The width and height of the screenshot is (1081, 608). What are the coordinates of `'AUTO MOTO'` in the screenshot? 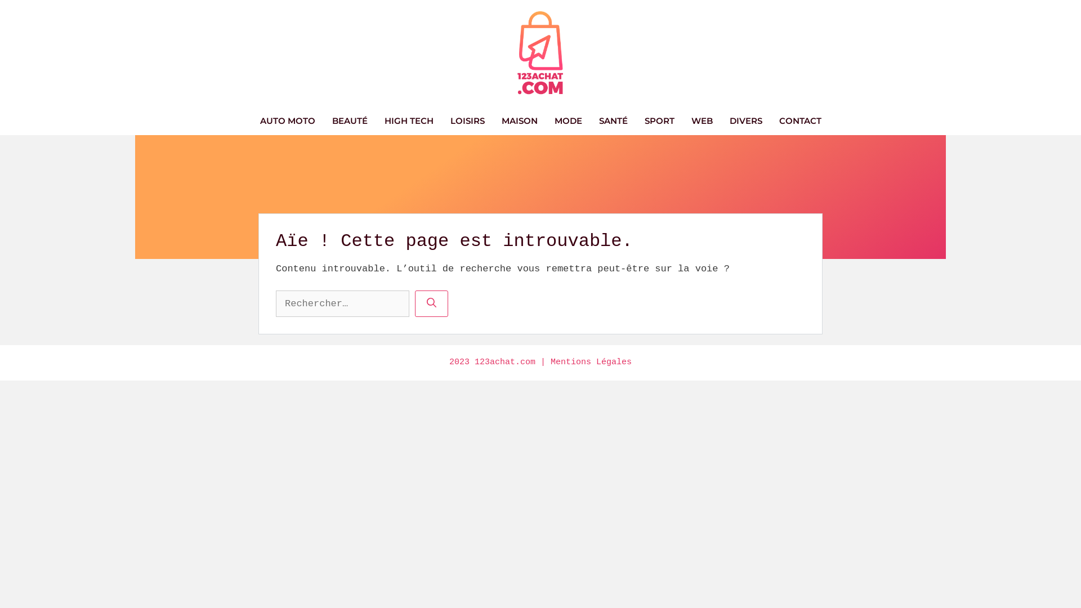 It's located at (287, 121).